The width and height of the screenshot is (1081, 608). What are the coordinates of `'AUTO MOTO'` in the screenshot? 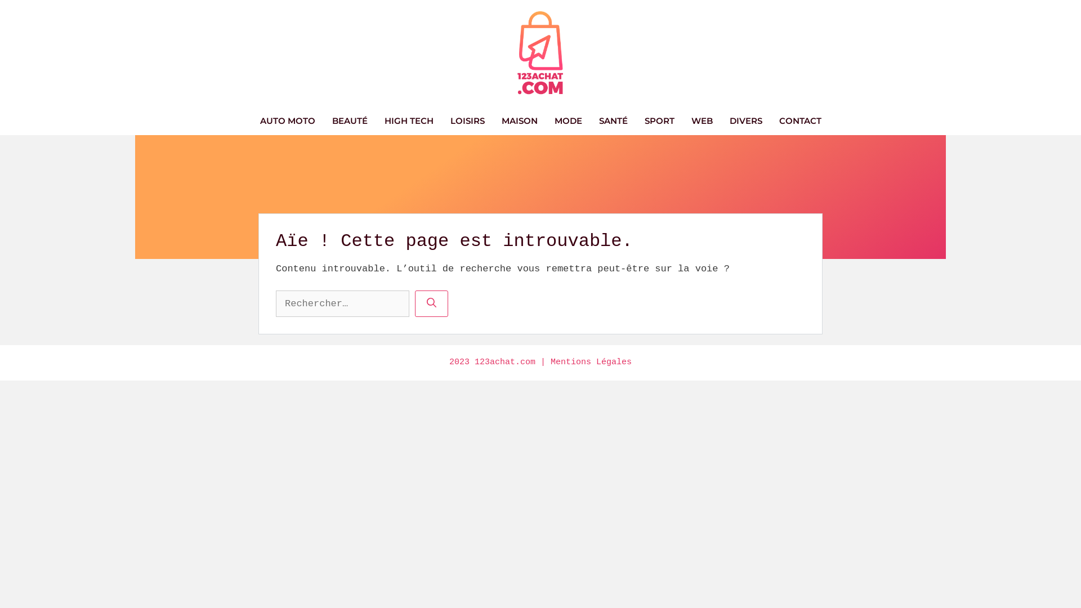 It's located at (287, 121).